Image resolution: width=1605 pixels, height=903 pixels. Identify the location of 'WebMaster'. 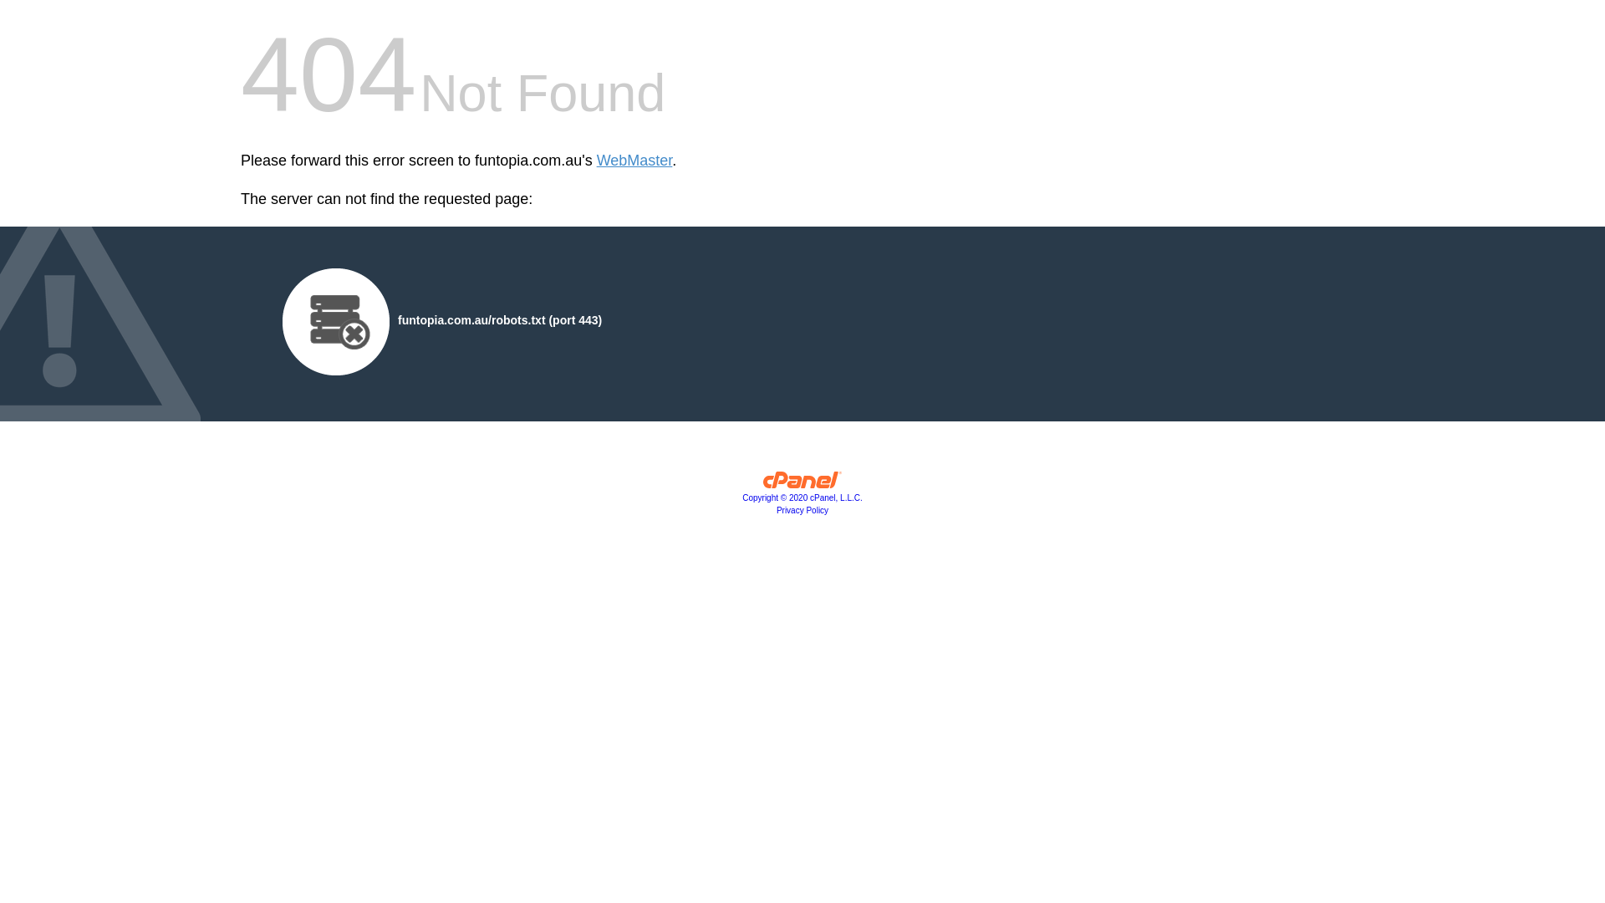
(634, 161).